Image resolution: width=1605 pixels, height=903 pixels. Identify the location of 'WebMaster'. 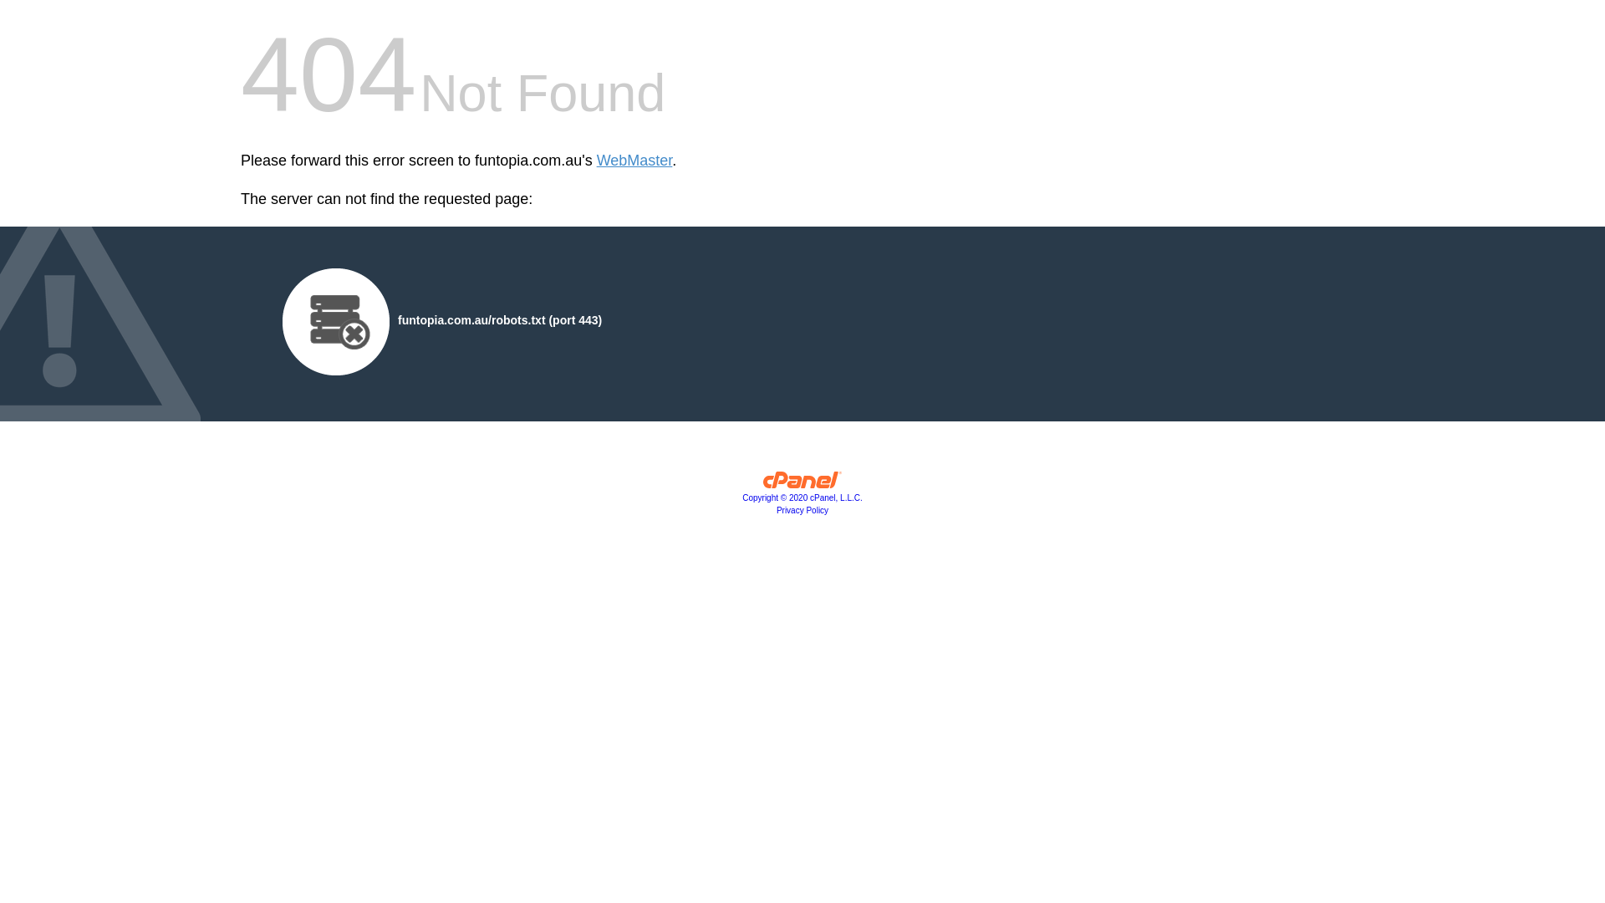
(634, 161).